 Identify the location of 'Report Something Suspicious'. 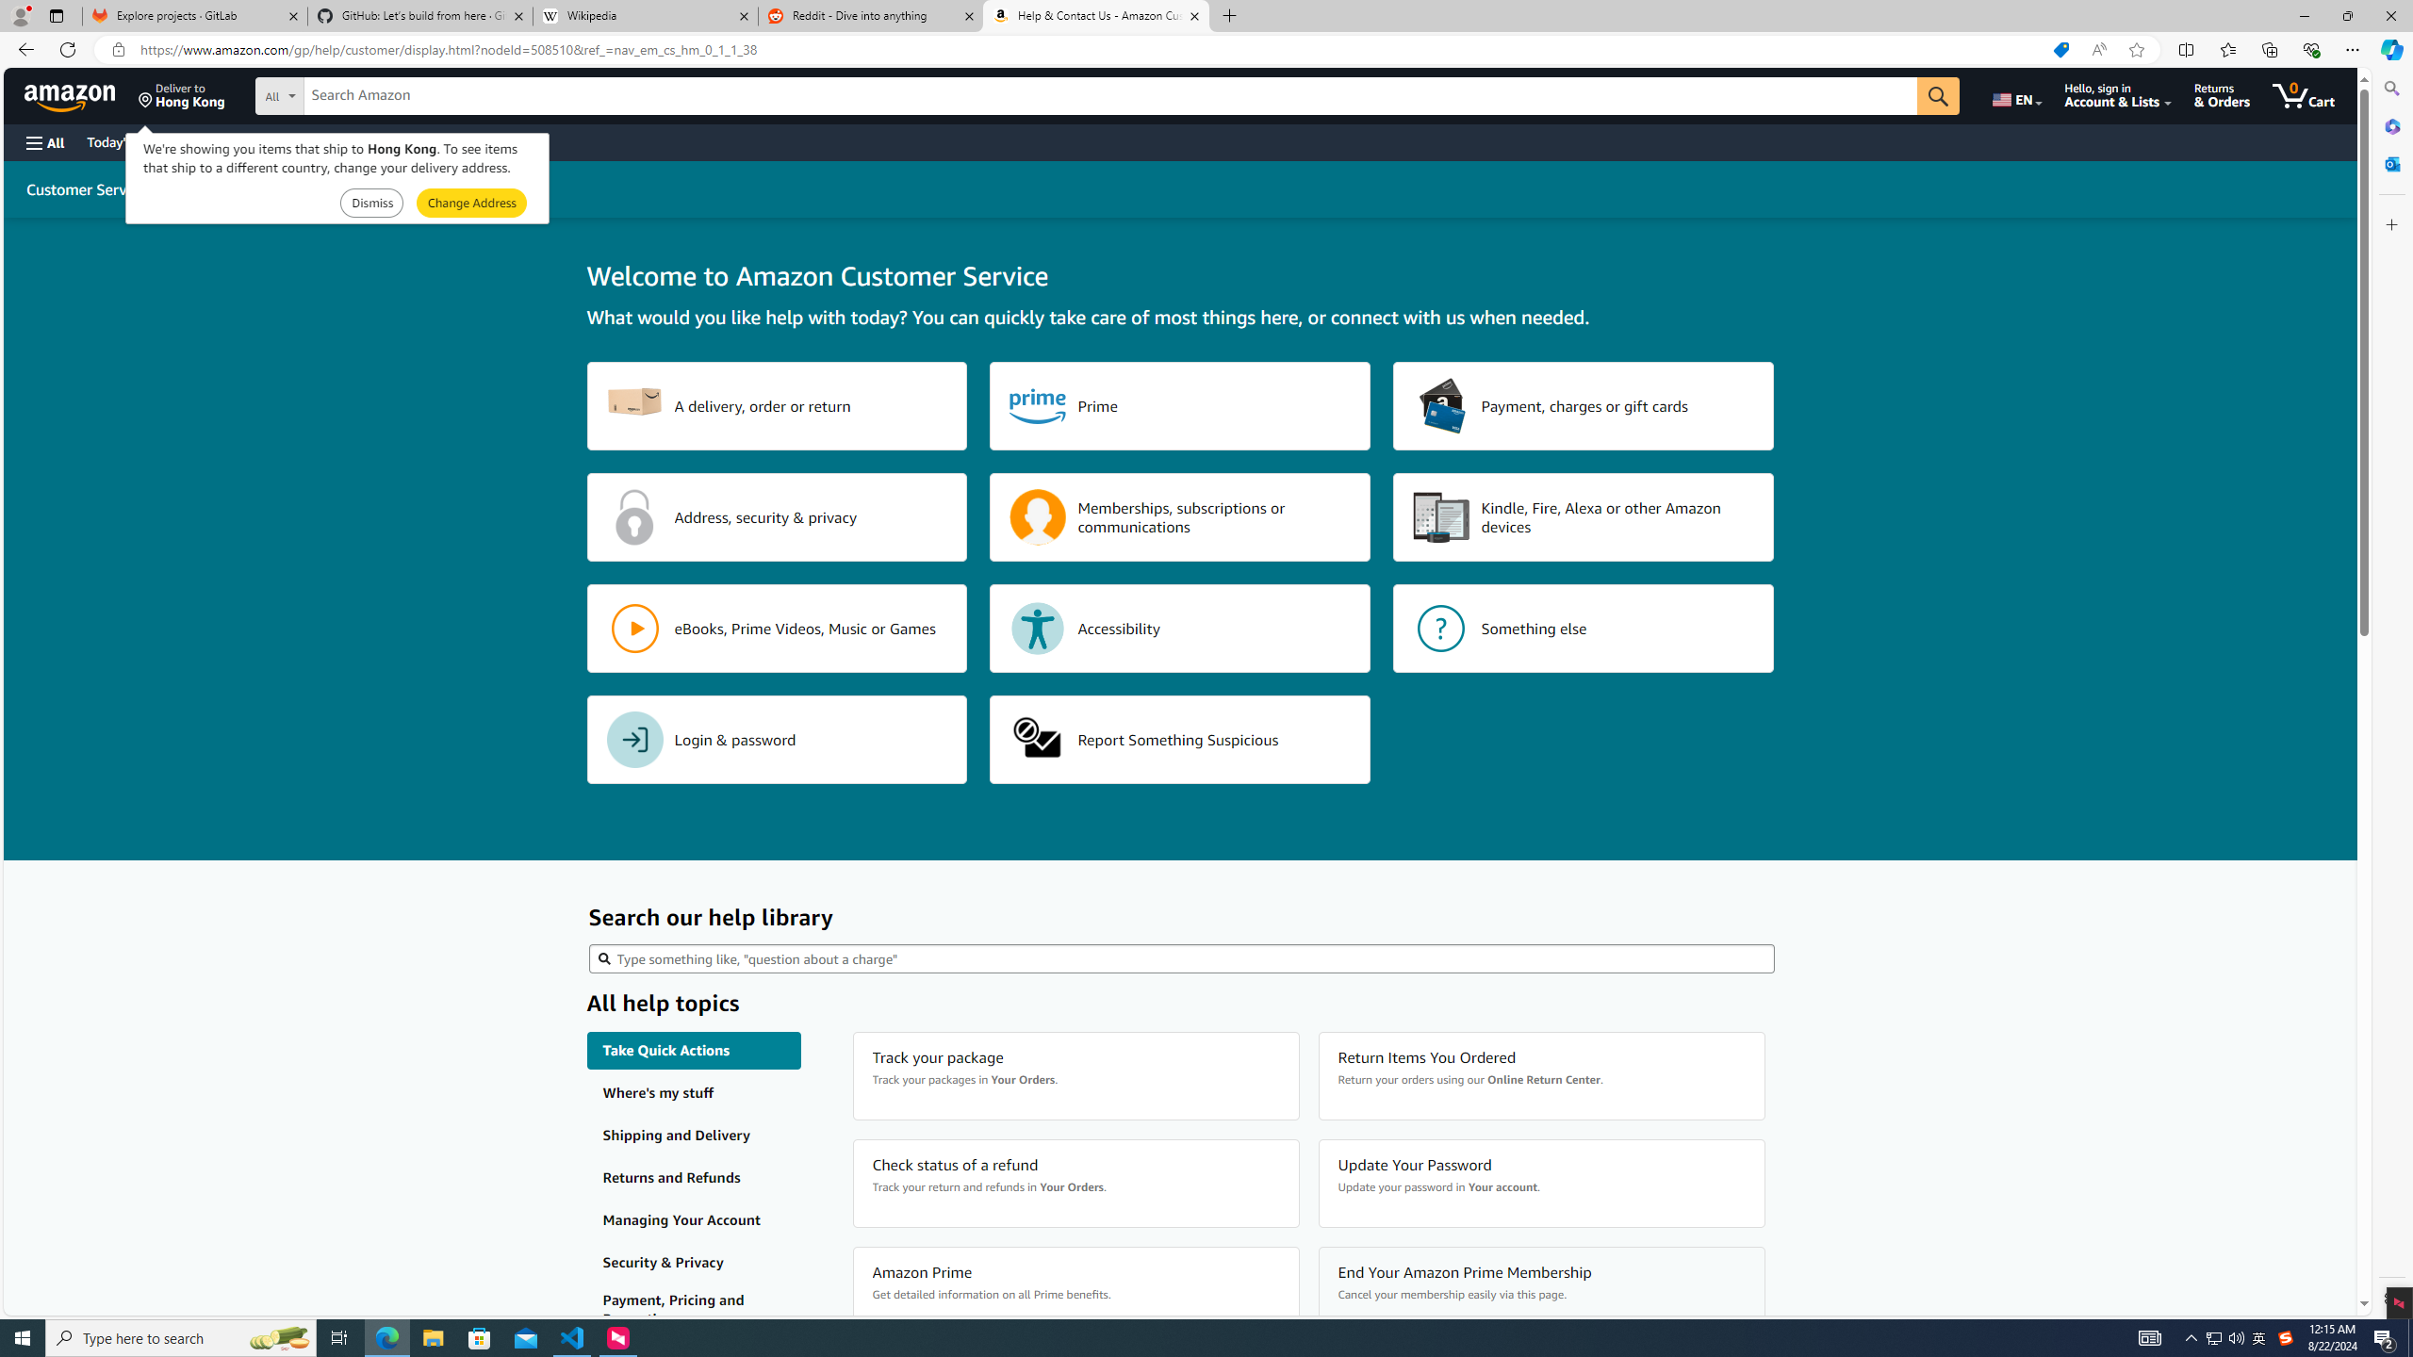
(1179, 739).